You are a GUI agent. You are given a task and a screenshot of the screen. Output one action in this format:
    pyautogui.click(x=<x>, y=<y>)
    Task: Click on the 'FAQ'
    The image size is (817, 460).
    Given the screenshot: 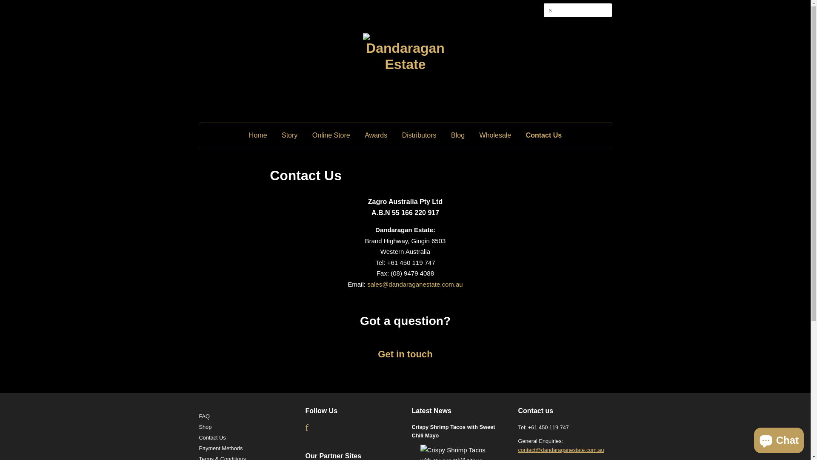 What is the action you would take?
    pyautogui.click(x=204, y=416)
    